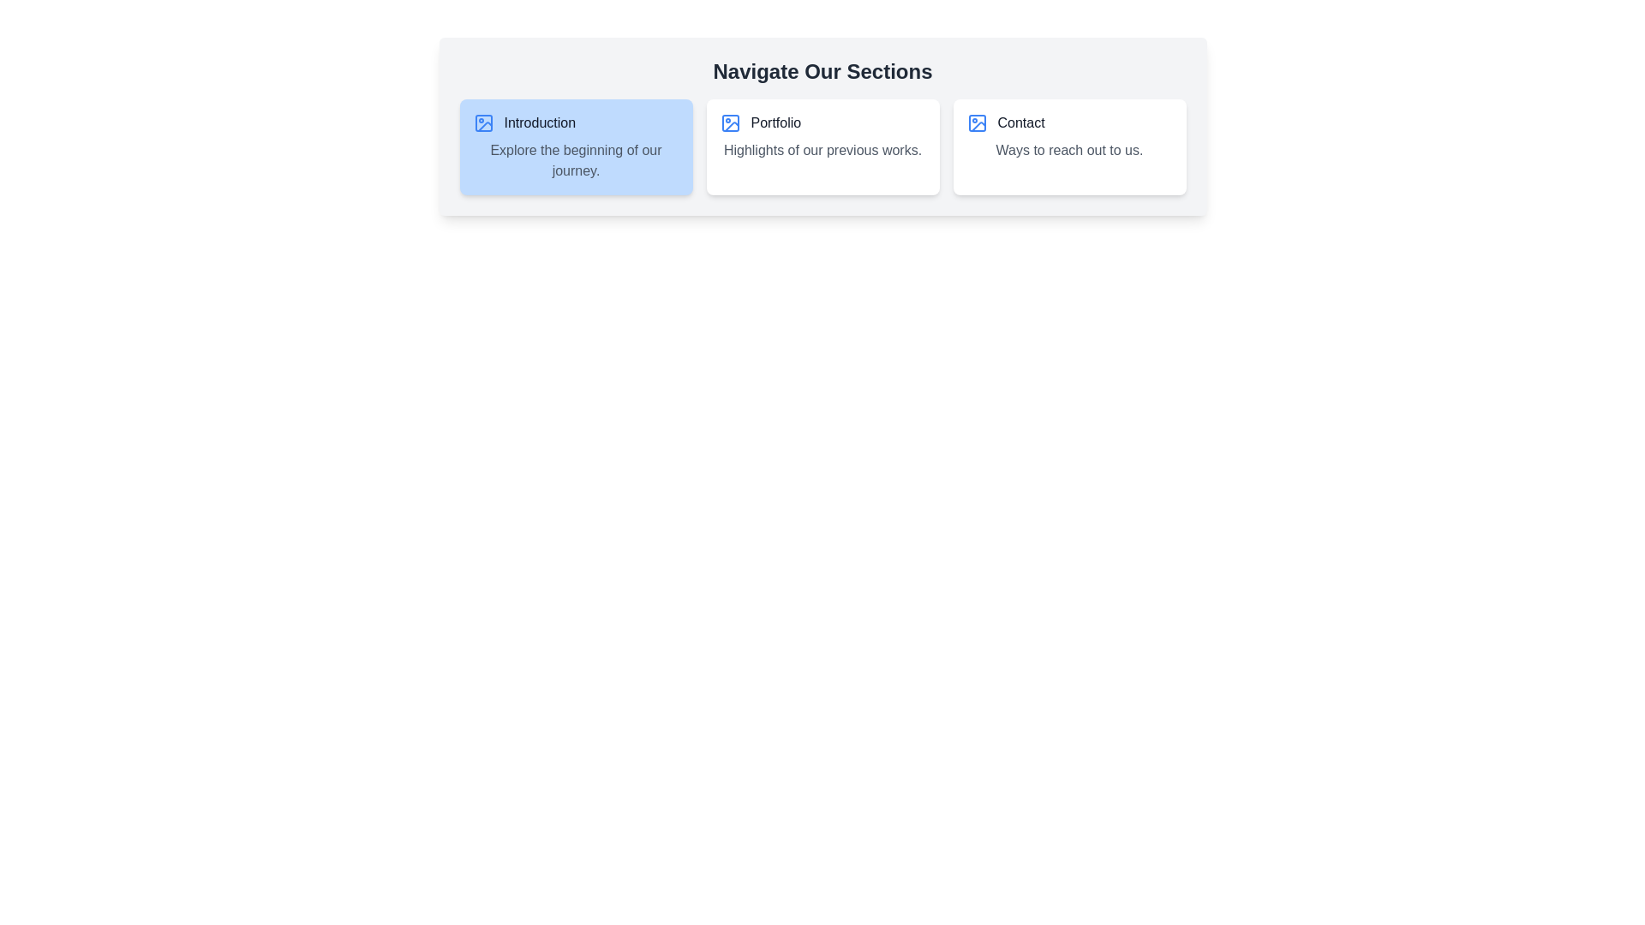  What do you see at coordinates (775, 122) in the screenshot?
I see `the text label representing the 'Portfolio' section, located in the center section of the navigation bar, between the 'Introduction' and 'Contact' cards` at bounding box center [775, 122].